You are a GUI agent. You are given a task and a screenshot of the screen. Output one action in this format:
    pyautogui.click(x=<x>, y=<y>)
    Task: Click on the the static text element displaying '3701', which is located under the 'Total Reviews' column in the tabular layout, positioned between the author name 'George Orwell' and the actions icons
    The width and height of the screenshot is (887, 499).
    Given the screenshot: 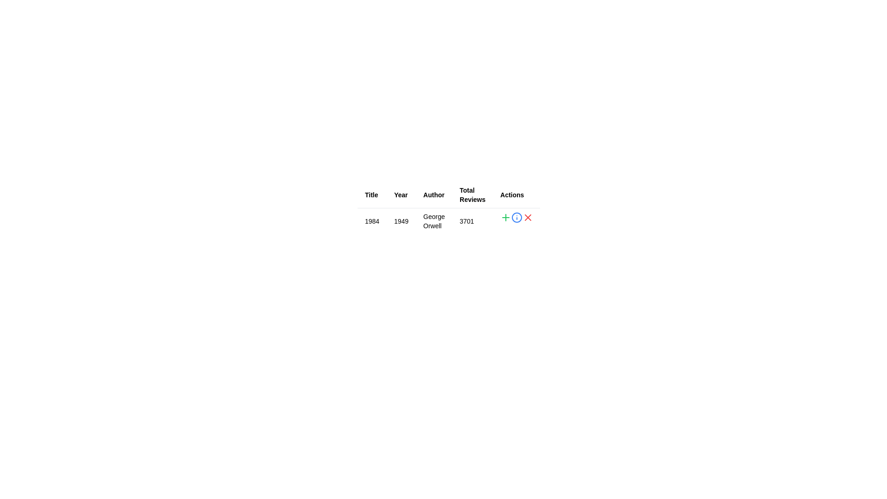 What is the action you would take?
    pyautogui.click(x=472, y=221)
    